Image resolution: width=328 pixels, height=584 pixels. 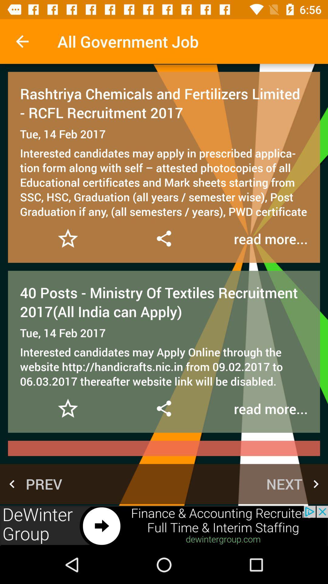 I want to click on favorite, so click(x=68, y=238).